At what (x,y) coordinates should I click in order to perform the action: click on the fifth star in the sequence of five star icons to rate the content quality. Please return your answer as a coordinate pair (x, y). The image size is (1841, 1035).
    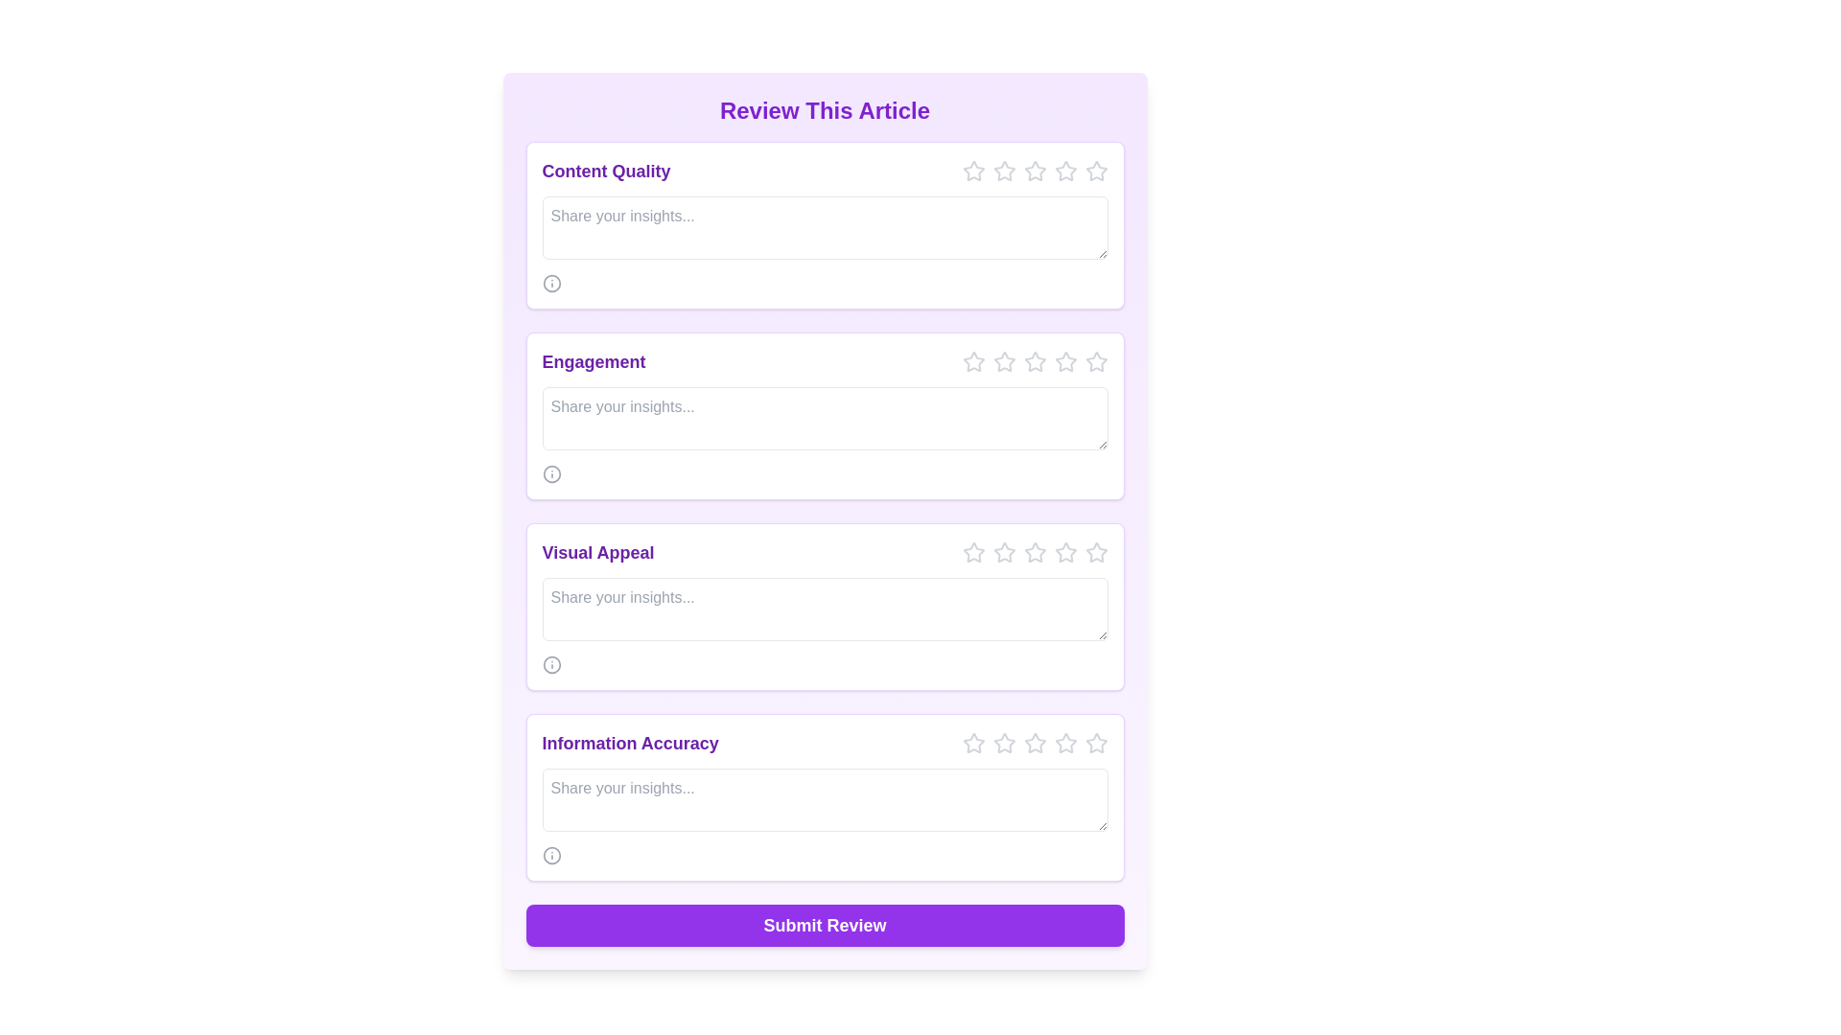
    Looking at the image, I should click on (1096, 170).